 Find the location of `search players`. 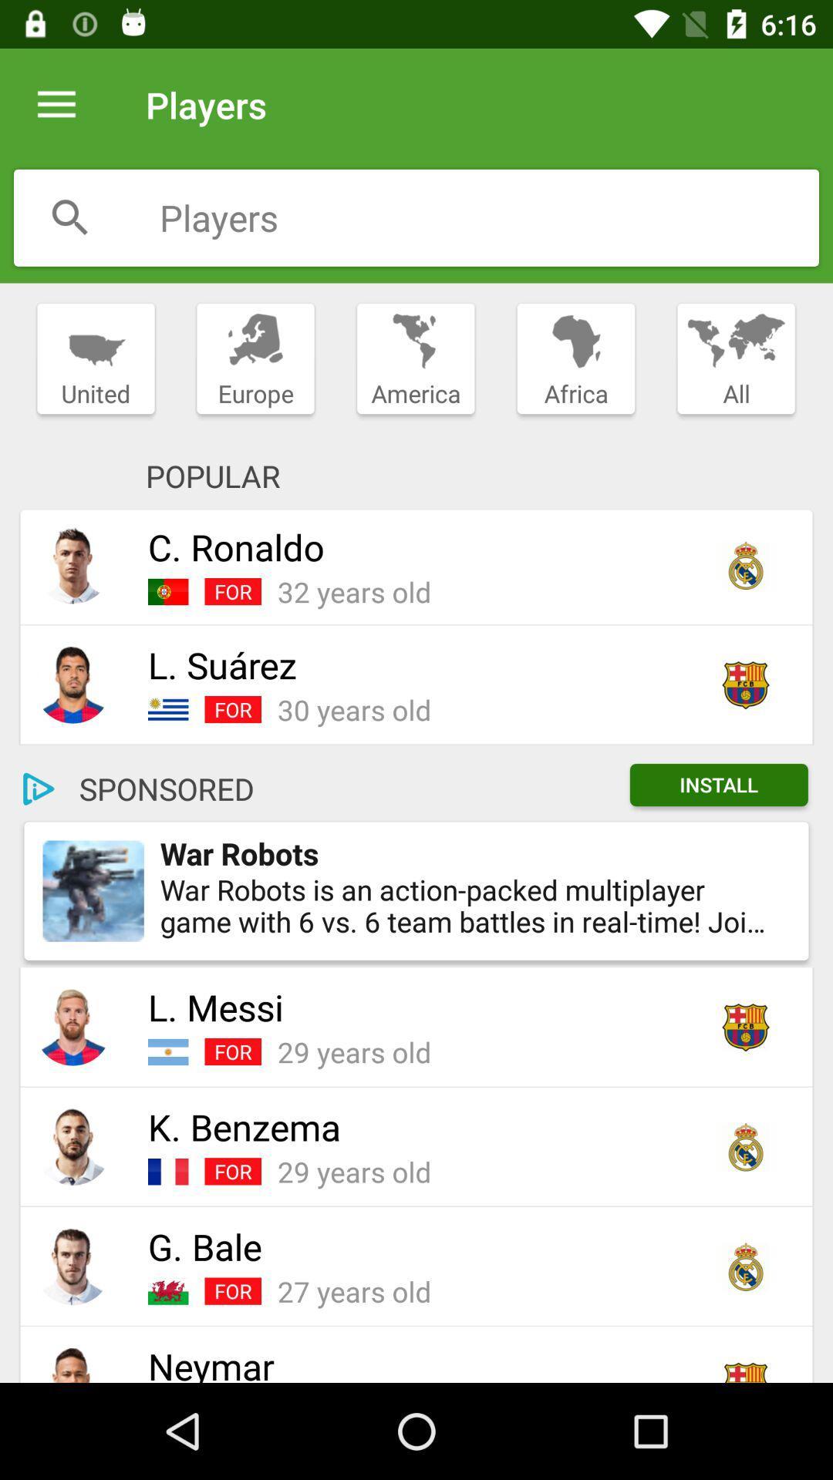

search players is located at coordinates (489, 217).